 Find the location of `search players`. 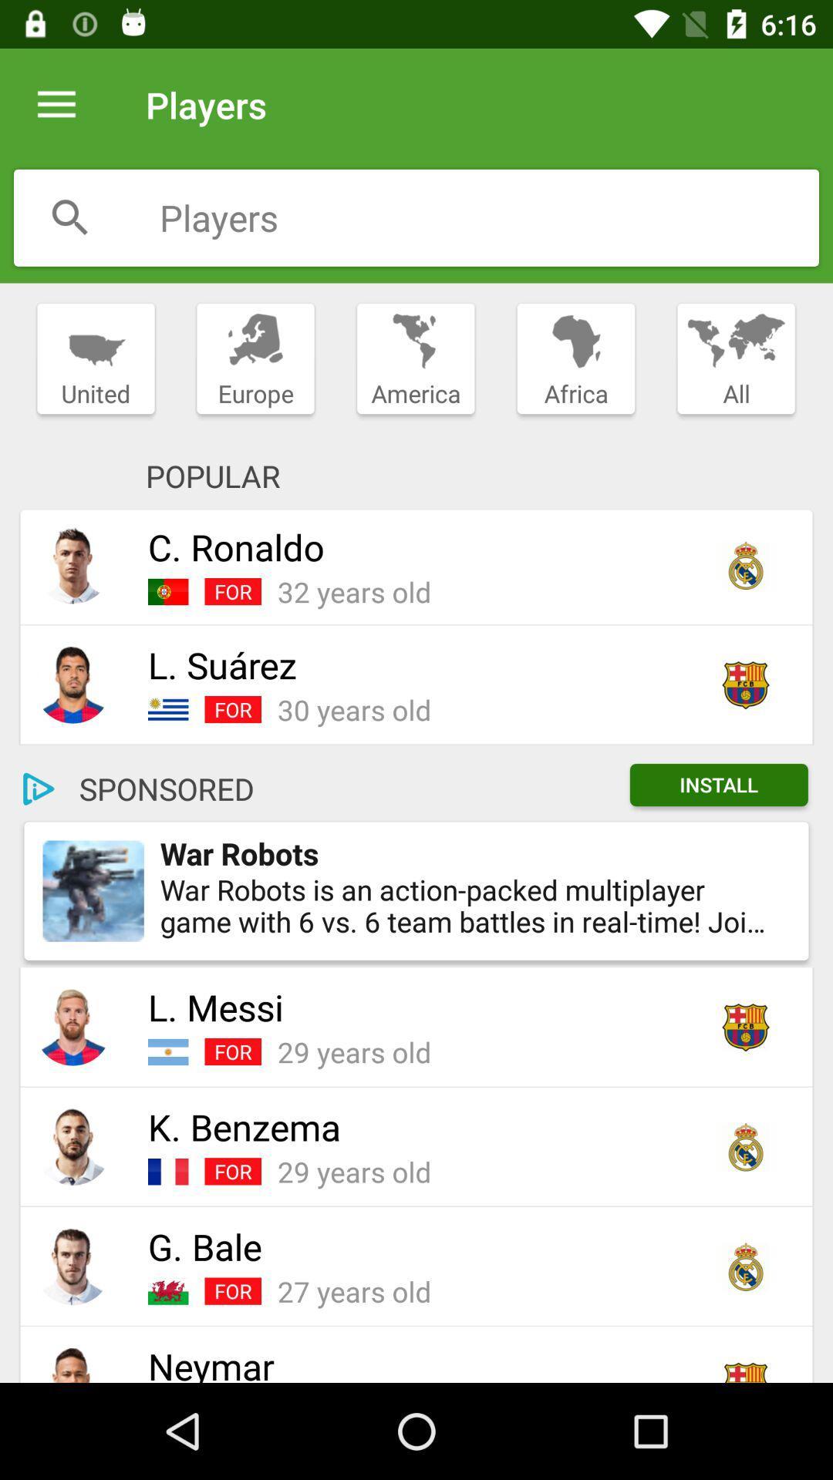

search players is located at coordinates (489, 217).